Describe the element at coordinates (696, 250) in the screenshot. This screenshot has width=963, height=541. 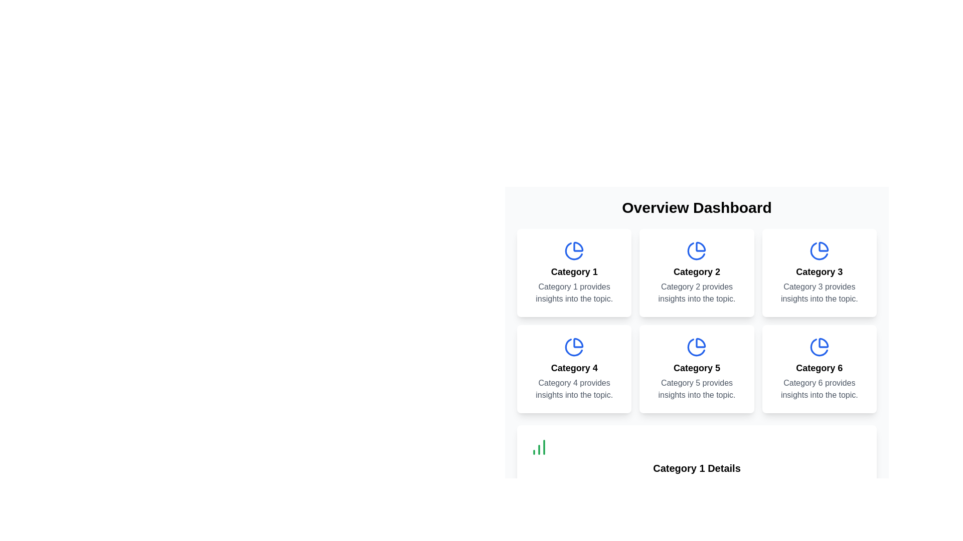
I see `the pie chart icon located at the top-center of the 'Category 2' card in the 'Overview Dashboard'` at that location.